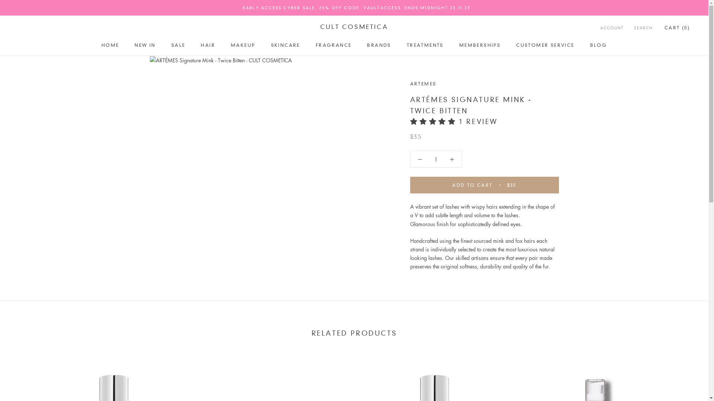 The image size is (714, 401). Describe the element at coordinates (354, 27) in the screenshot. I see `'CULT COSMETICA'` at that location.